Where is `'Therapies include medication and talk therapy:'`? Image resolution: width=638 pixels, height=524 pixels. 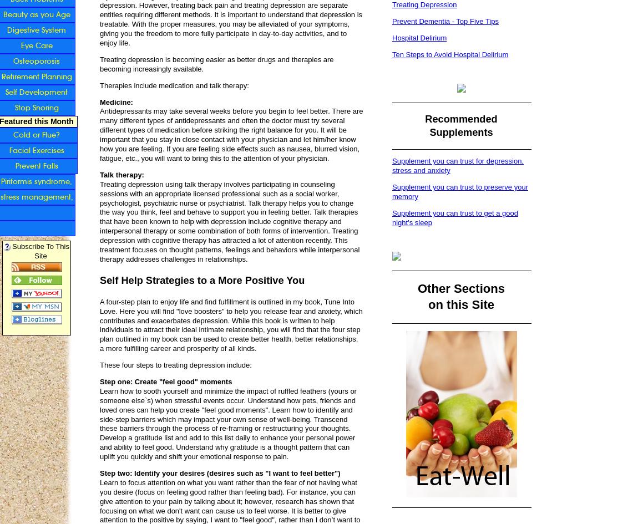 'Therapies include medication and talk therapy:' is located at coordinates (174, 85).